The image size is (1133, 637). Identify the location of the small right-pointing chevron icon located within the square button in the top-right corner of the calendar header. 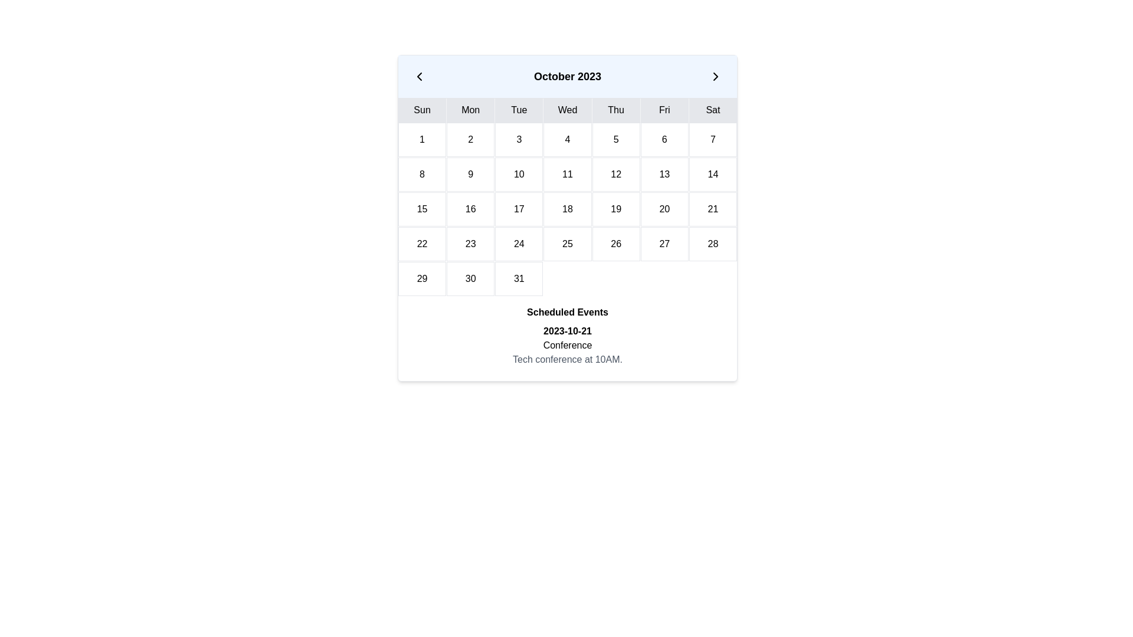
(715, 77).